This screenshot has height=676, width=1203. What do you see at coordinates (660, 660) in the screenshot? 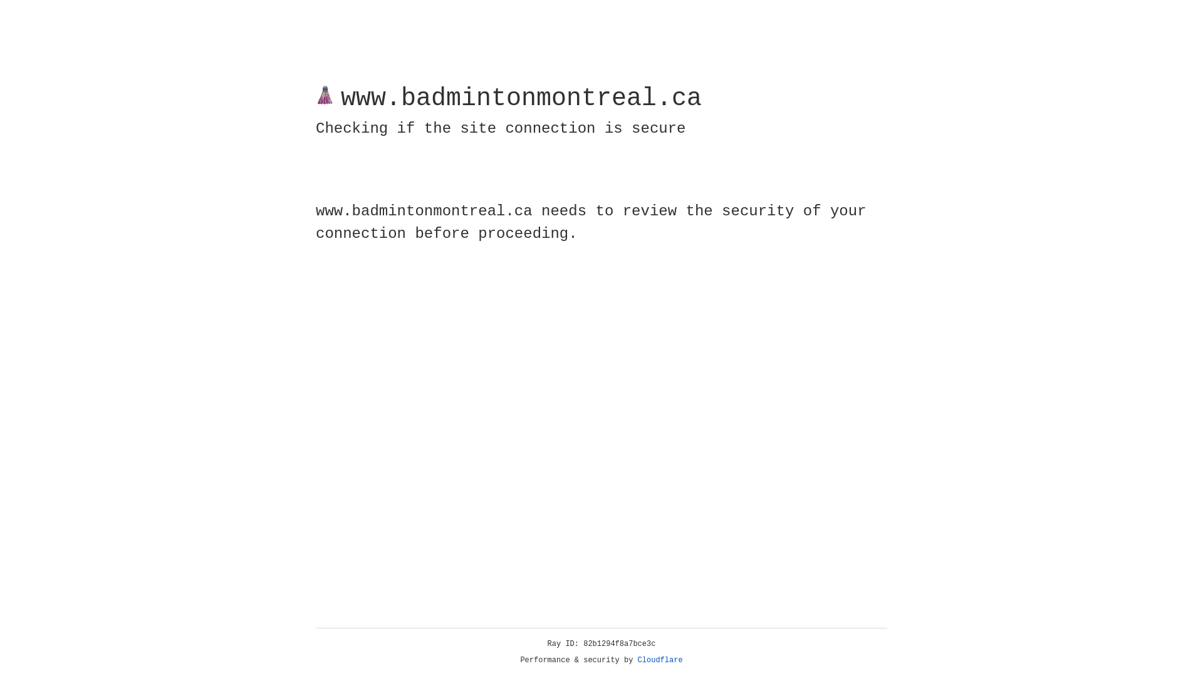
I see `'Cloudflare'` at bounding box center [660, 660].